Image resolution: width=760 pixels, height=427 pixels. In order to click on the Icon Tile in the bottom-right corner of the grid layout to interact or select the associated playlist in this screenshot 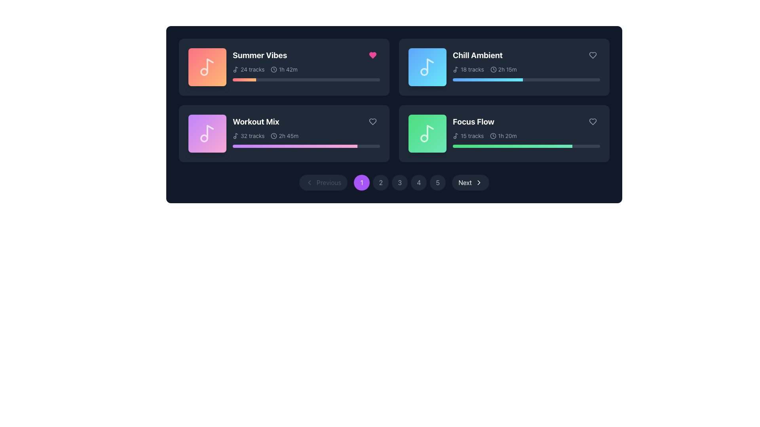, I will do `click(427, 133)`.